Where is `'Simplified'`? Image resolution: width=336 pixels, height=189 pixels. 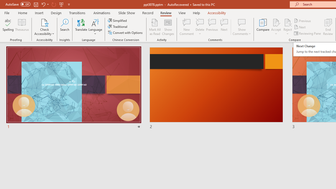 'Simplified' is located at coordinates (118, 20).